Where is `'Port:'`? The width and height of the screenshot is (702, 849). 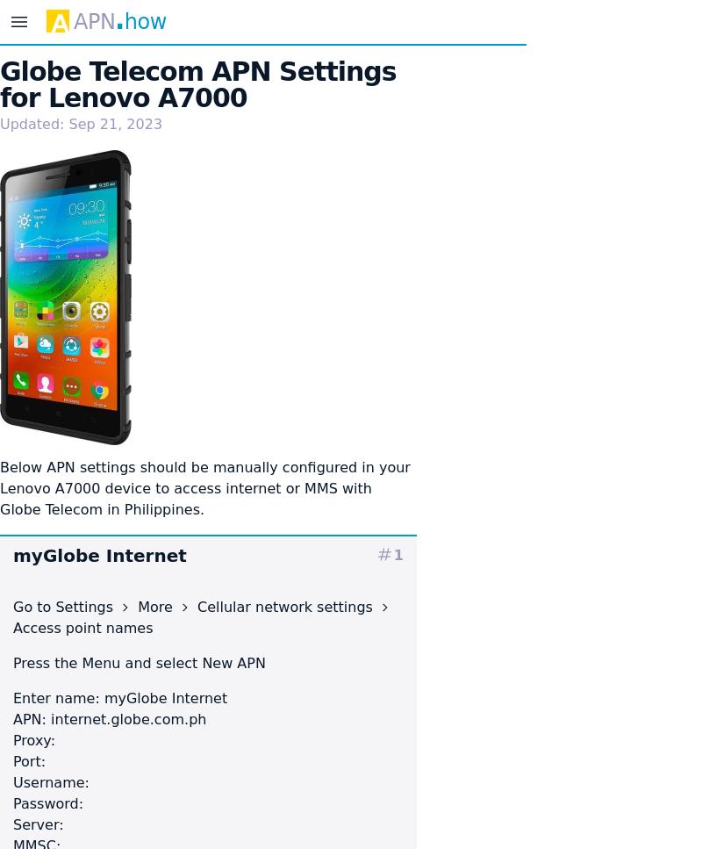
'Port:' is located at coordinates (29, 759).